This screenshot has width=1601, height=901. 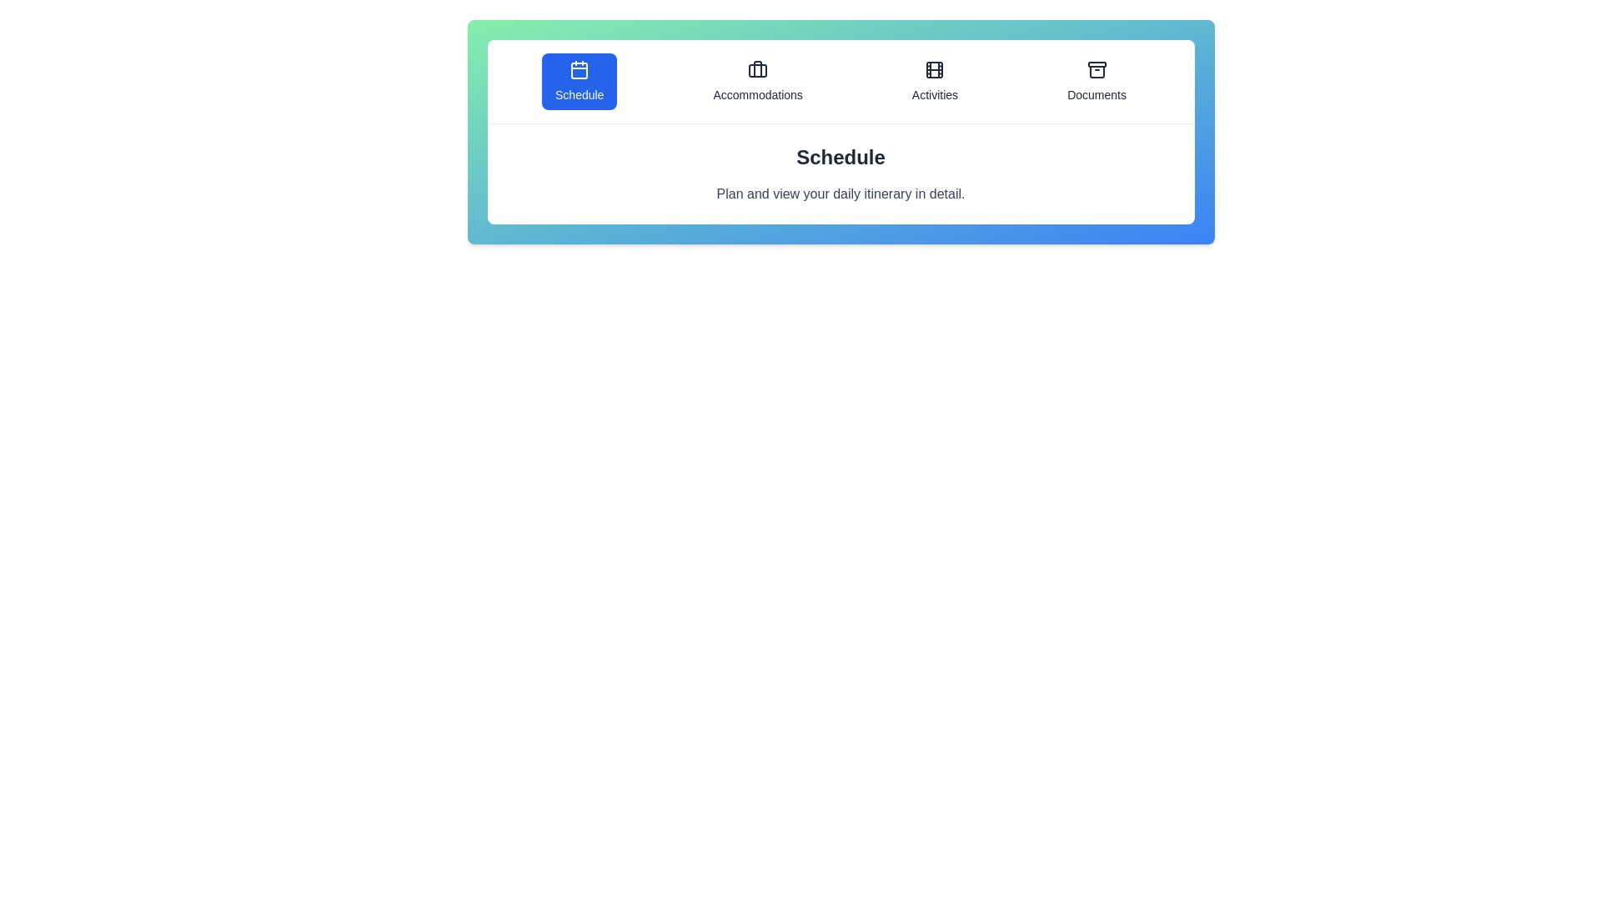 What do you see at coordinates (935, 81) in the screenshot?
I see `the tab icon labeled Activities to display its tooltip` at bounding box center [935, 81].